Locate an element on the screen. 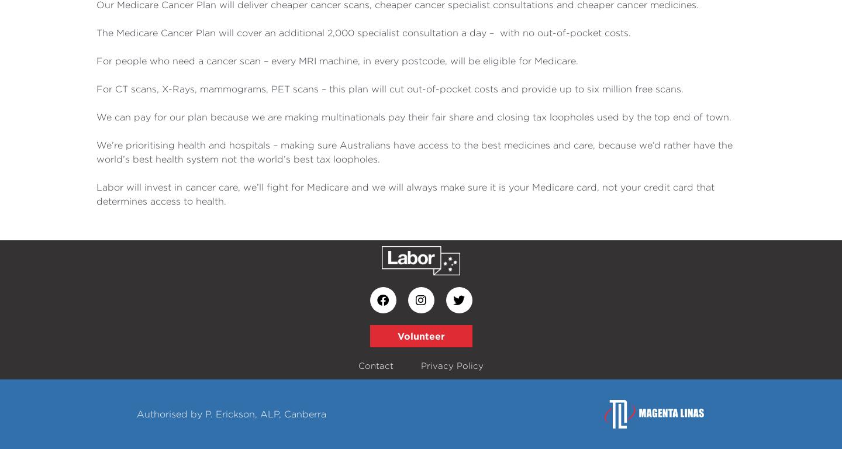 The width and height of the screenshot is (842, 449). 'The Medicare Cancer Plan will cover an additional 2,000 specialist consultation a day –  with no out-of-pocket costs.' is located at coordinates (364, 32).